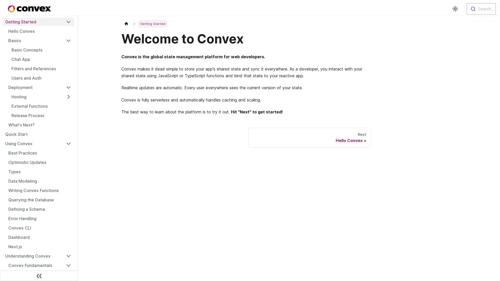  I want to click on Switch between dark and light mode (currently light mode), so click(455, 9).